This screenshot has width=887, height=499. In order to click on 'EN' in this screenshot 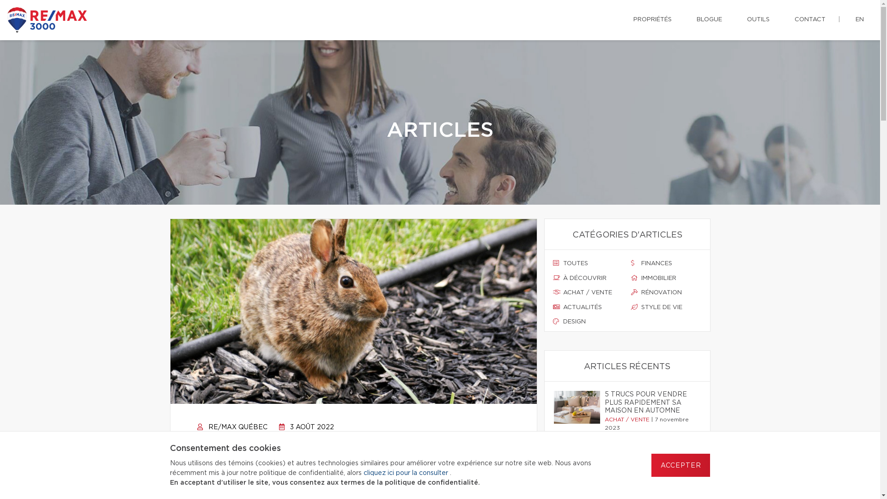, I will do `click(859, 19)`.